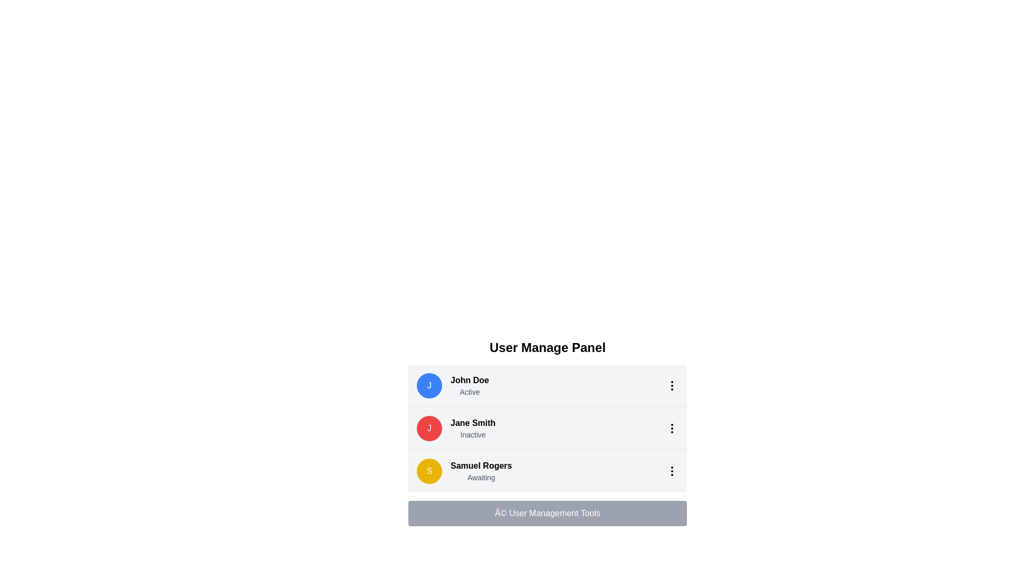 This screenshot has height=570, width=1013. What do you see at coordinates (472, 435) in the screenshot?
I see `the static text label displaying 'Inactive' that is positioned below 'Jane Smith' in the user management panel` at bounding box center [472, 435].